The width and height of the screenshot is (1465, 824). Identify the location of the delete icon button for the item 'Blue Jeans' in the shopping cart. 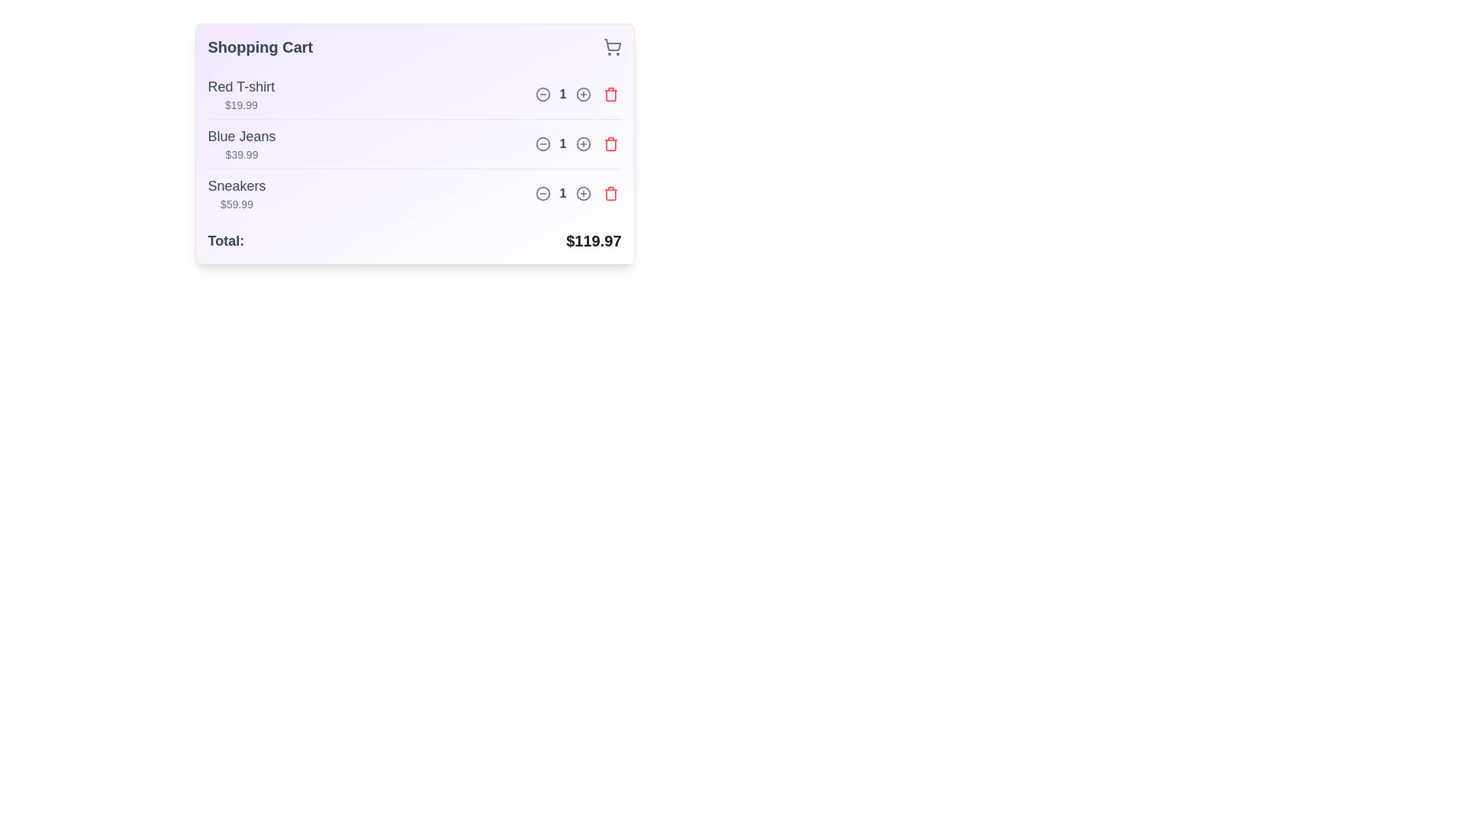
(610, 144).